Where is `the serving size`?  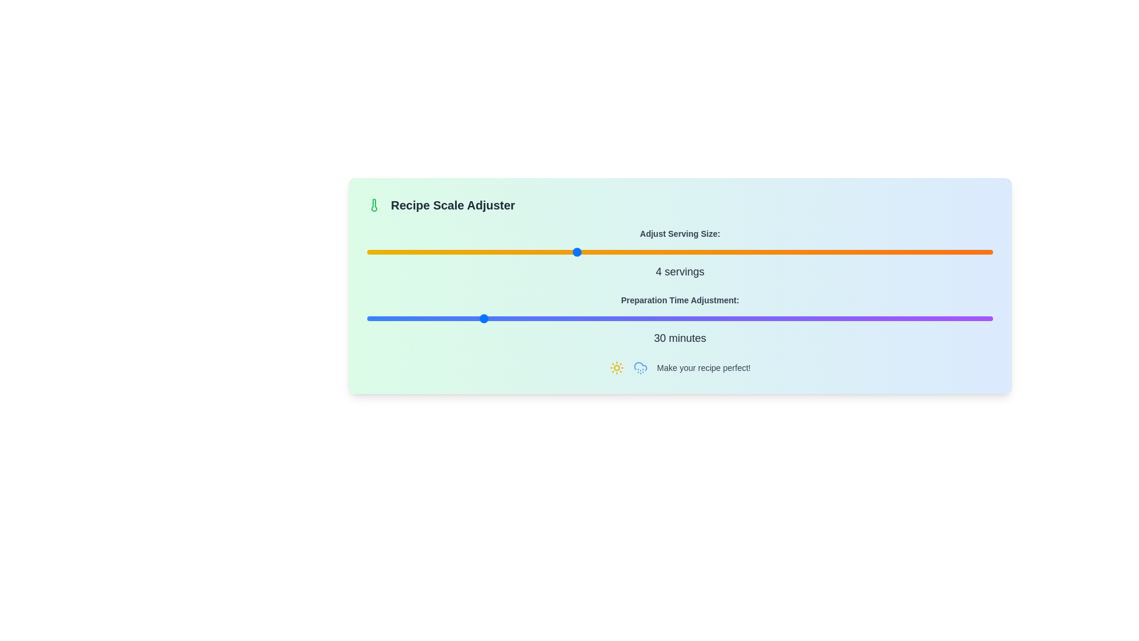 the serving size is located at coordinates (922, 251).